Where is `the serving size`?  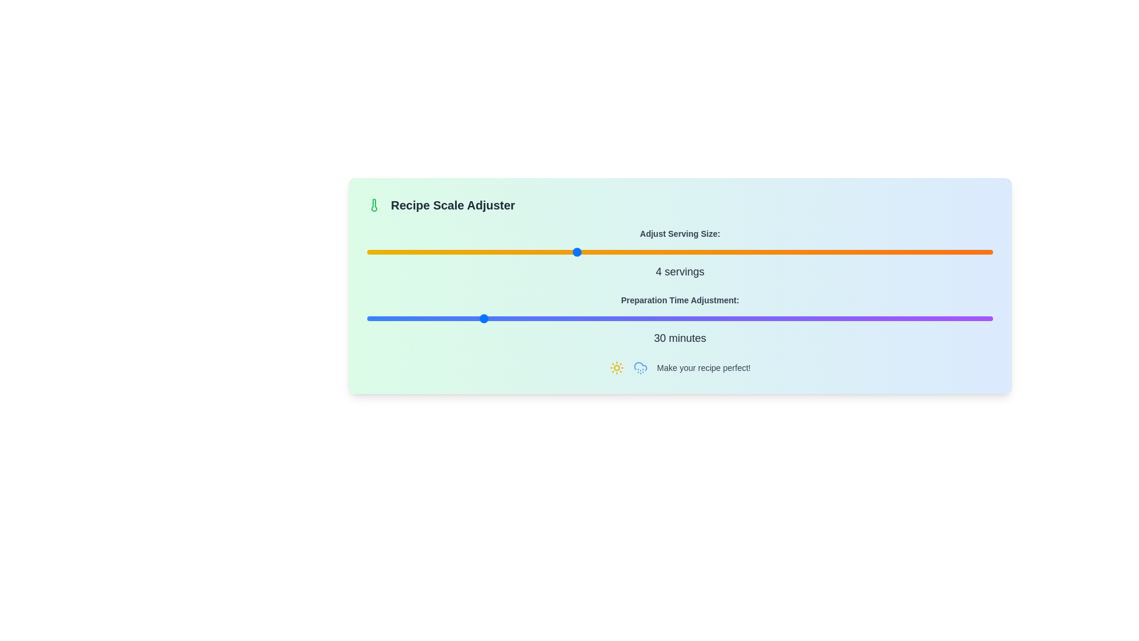 the serving size is located at coordinates (922, 251).